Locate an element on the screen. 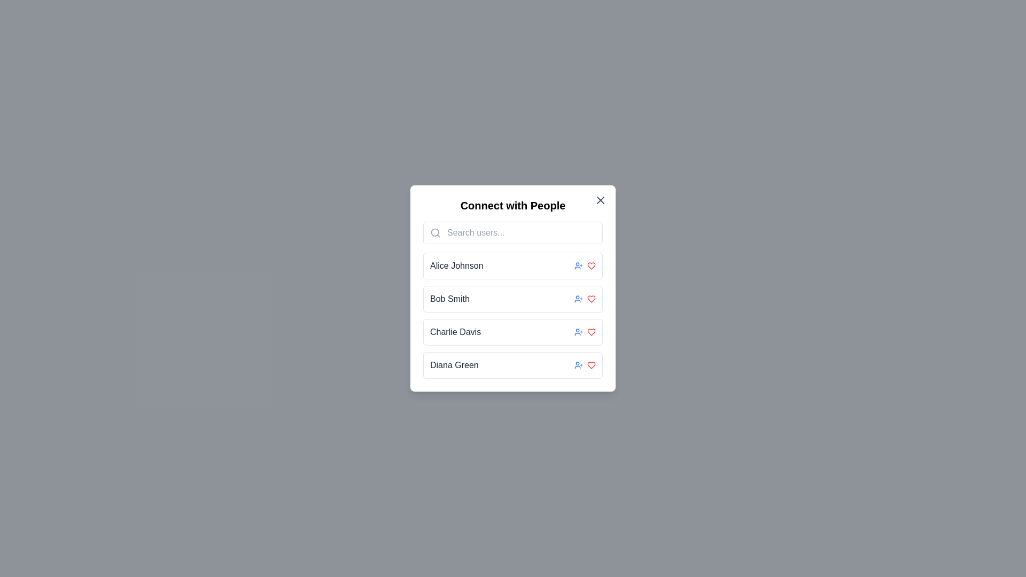  the text label displaying 'Diana Green', which is styled in dark gray font and located within the fourth item under 'Connect with People' is located at coordinates (454, 364).